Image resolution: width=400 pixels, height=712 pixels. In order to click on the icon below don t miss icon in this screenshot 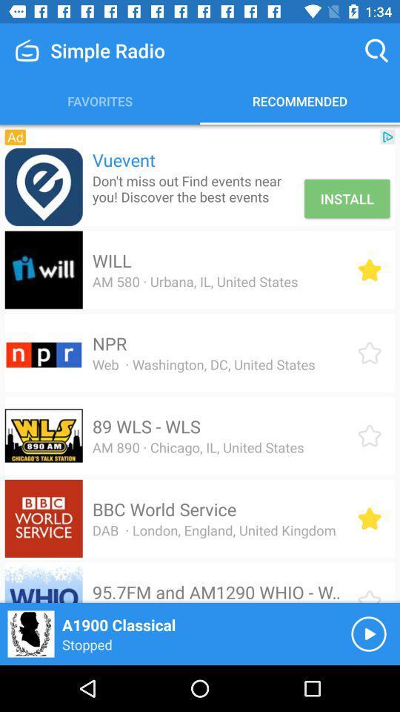, I will do `click(111, 260)`.